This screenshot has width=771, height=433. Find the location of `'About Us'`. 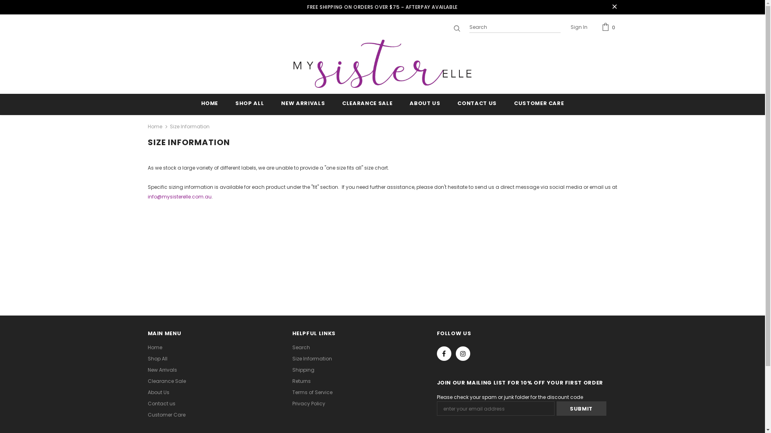

'About Us' is located at coordinates (148, 392).